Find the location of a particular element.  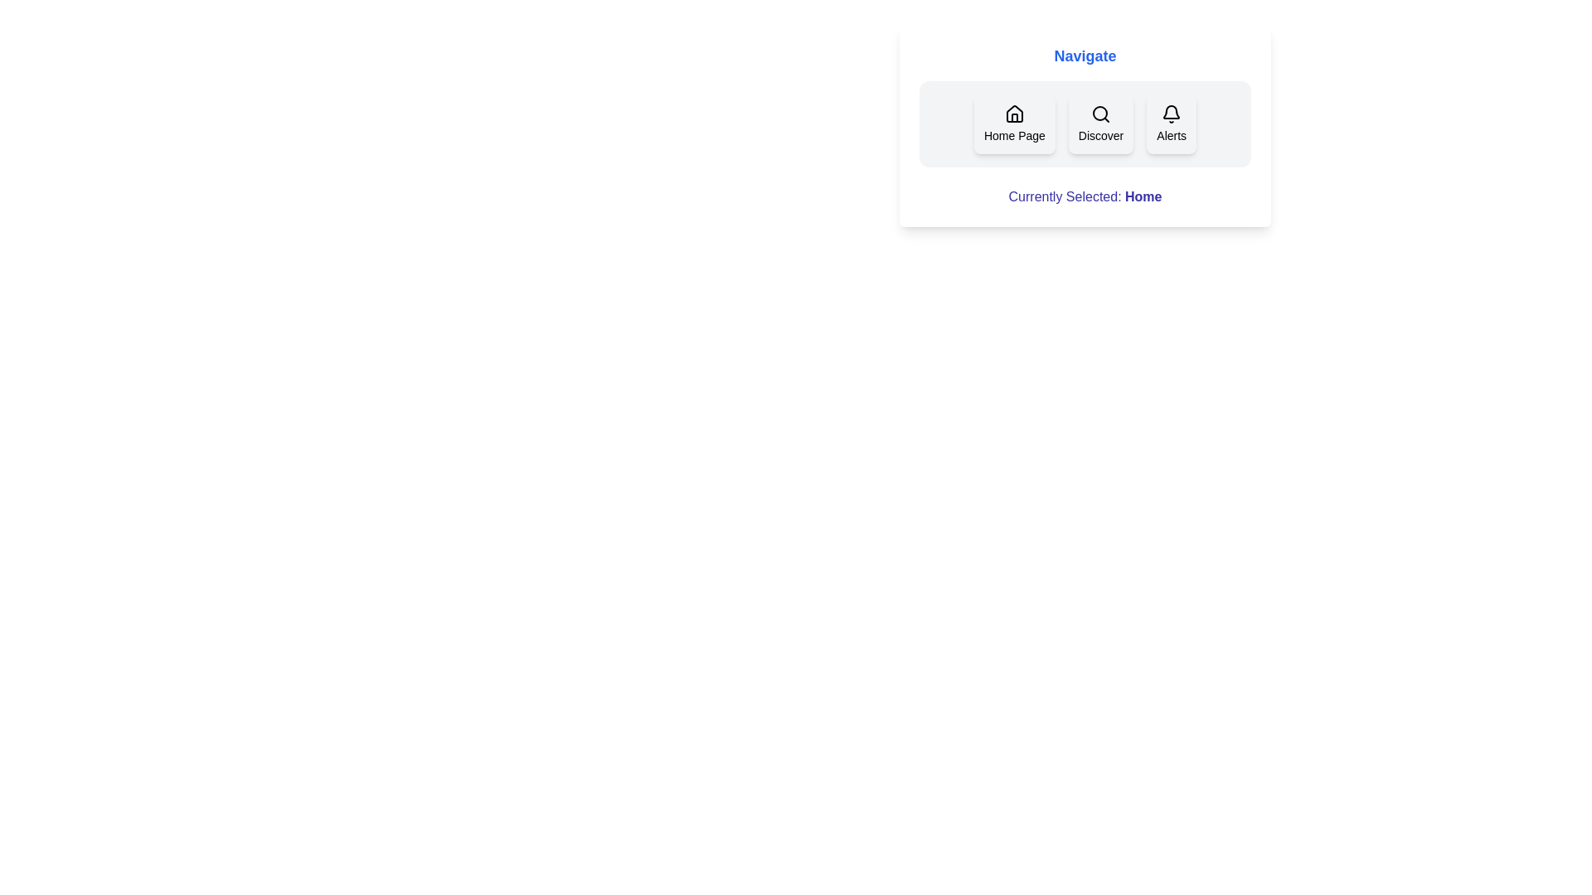

the alert icon (bell icon) located in the navigation bar is located at coordinates (1171, 112).